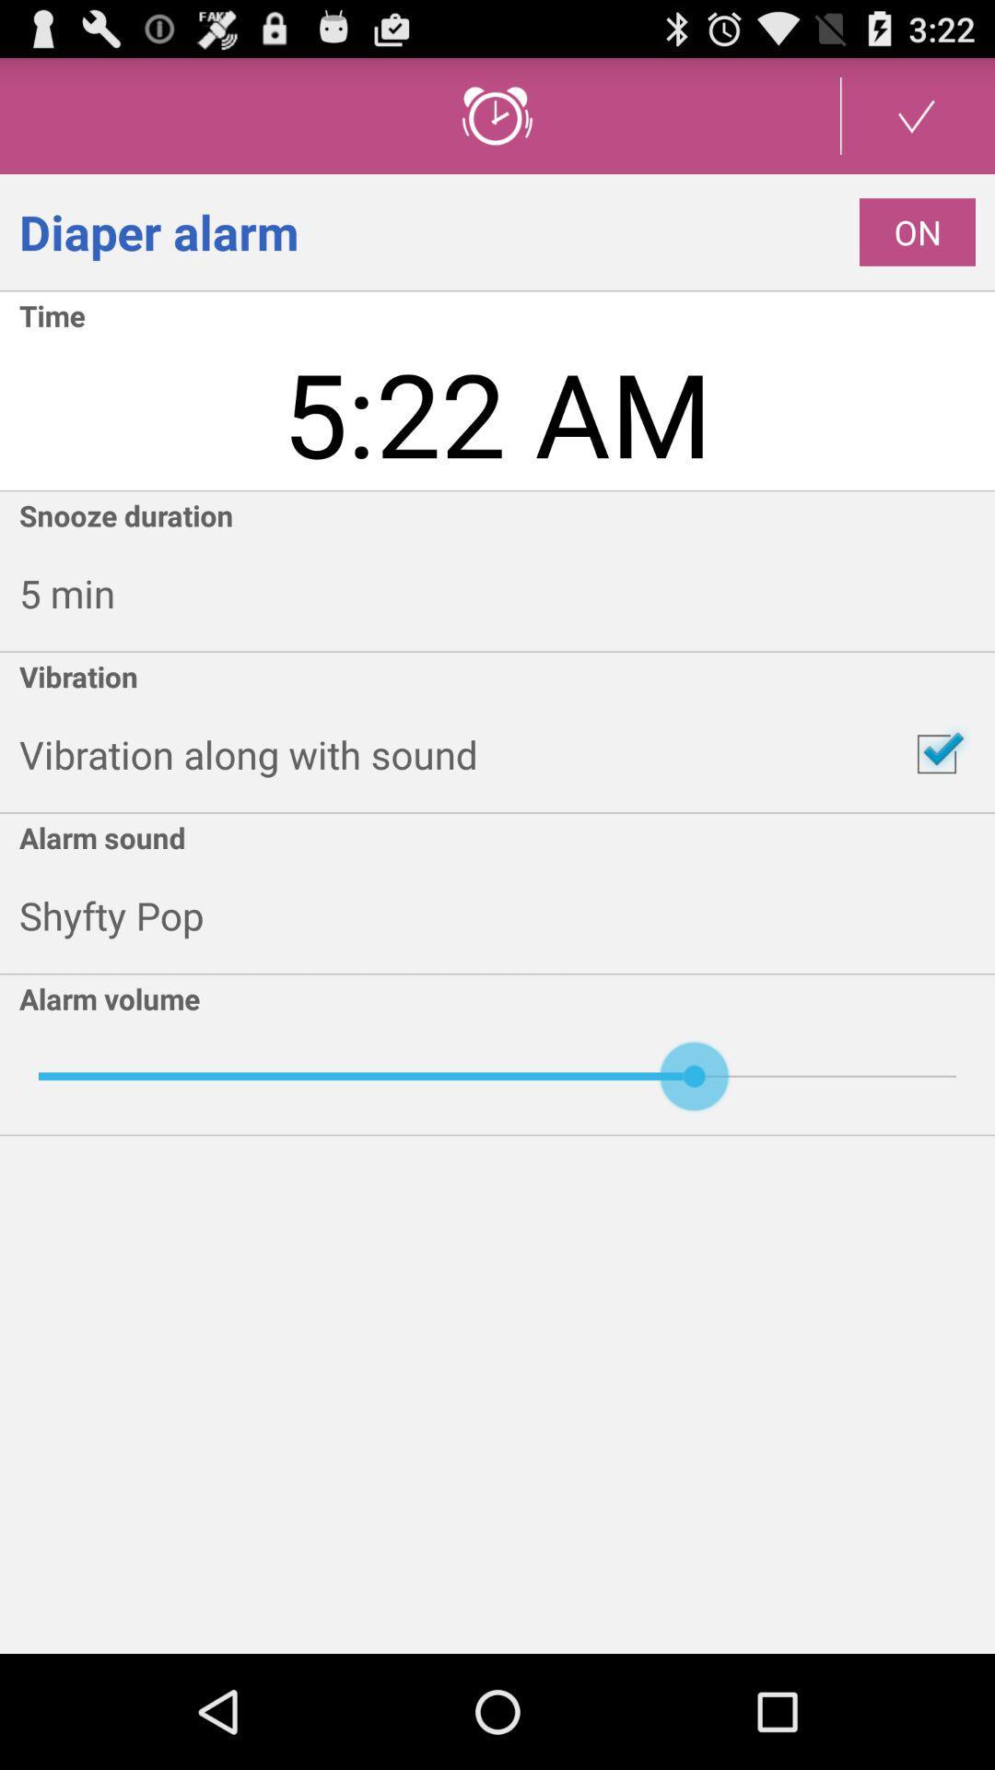 The height and width of the screenshot is (1770, 995). What do you see at coordinates (497, 411) in the screenshot?
I see `the item below the time app` at bounding box center [497, 411].